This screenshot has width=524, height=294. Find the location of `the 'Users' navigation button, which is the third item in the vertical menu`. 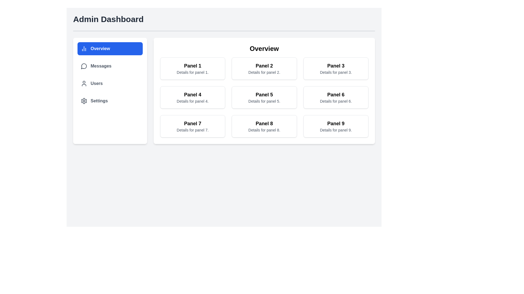

the 'Users' navigation button, which is the third item in the vertical menu is located at coordinates (110, 84).